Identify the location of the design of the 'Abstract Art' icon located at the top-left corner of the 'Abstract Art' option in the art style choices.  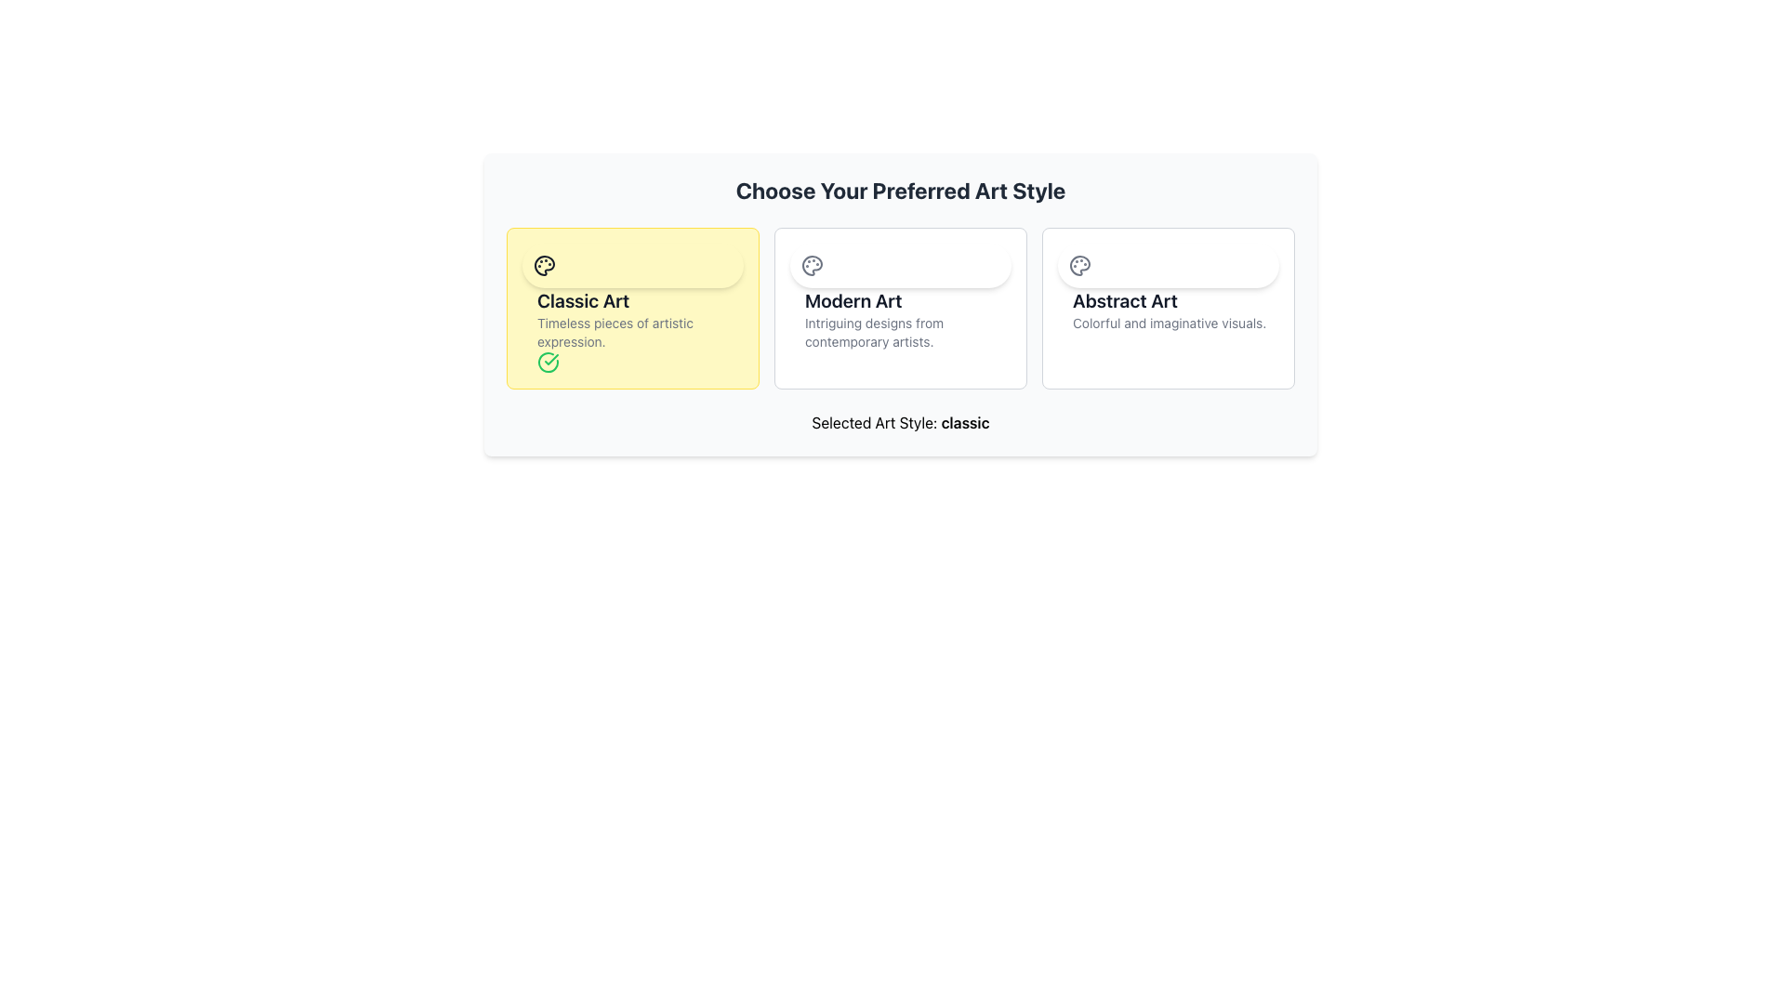
(1079, 265).